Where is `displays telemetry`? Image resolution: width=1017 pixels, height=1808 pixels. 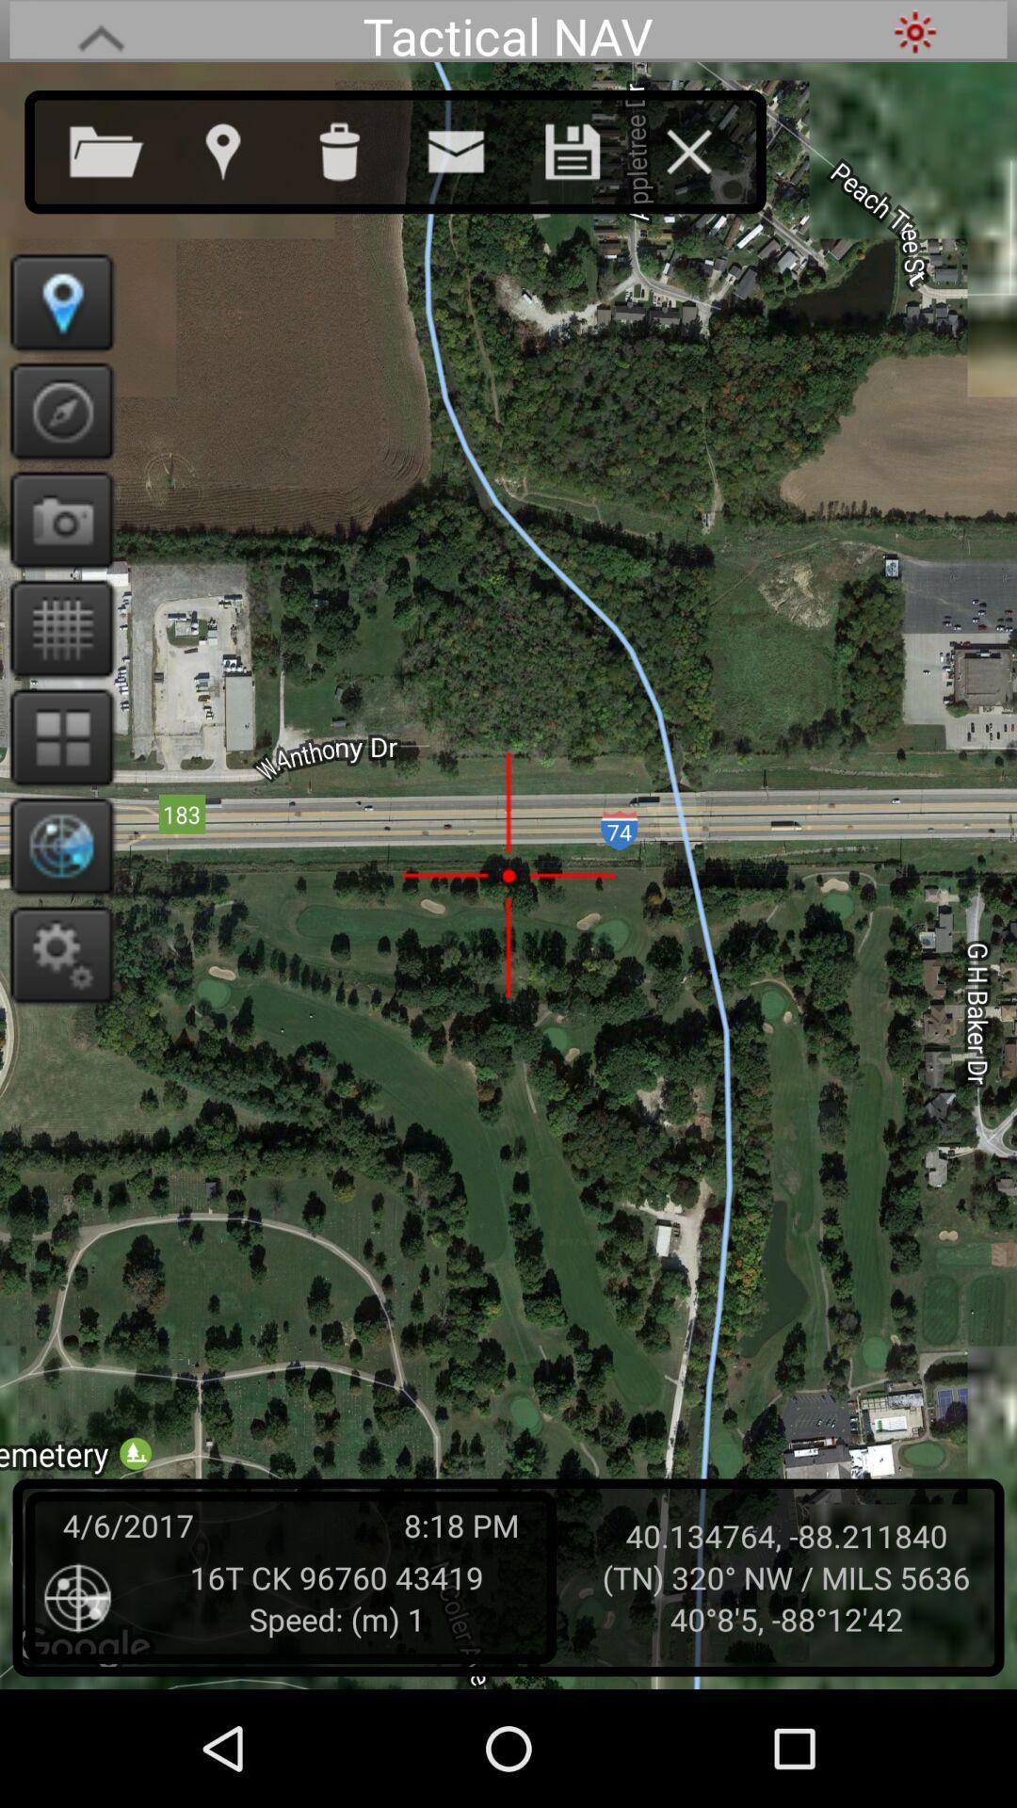 displays telemetry is located at coordinates (55, 845).